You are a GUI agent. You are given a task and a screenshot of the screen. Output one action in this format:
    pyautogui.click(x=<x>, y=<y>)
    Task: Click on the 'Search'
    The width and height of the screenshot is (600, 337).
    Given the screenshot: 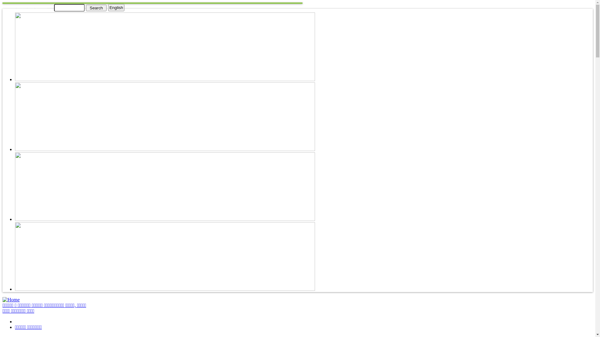 What is the action you would take?
    pyautogui.click(x=96, y=7)
    